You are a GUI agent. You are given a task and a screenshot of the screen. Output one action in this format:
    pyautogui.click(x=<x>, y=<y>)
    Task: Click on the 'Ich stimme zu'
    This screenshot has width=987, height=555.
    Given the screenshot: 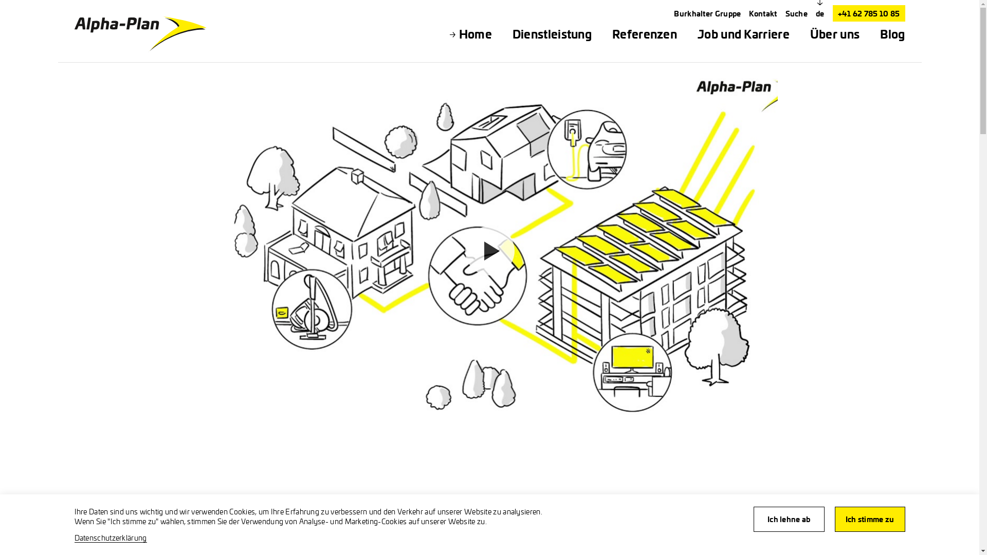 What is the action you would take?
    pyautogui.click(x=834, y=519)
    